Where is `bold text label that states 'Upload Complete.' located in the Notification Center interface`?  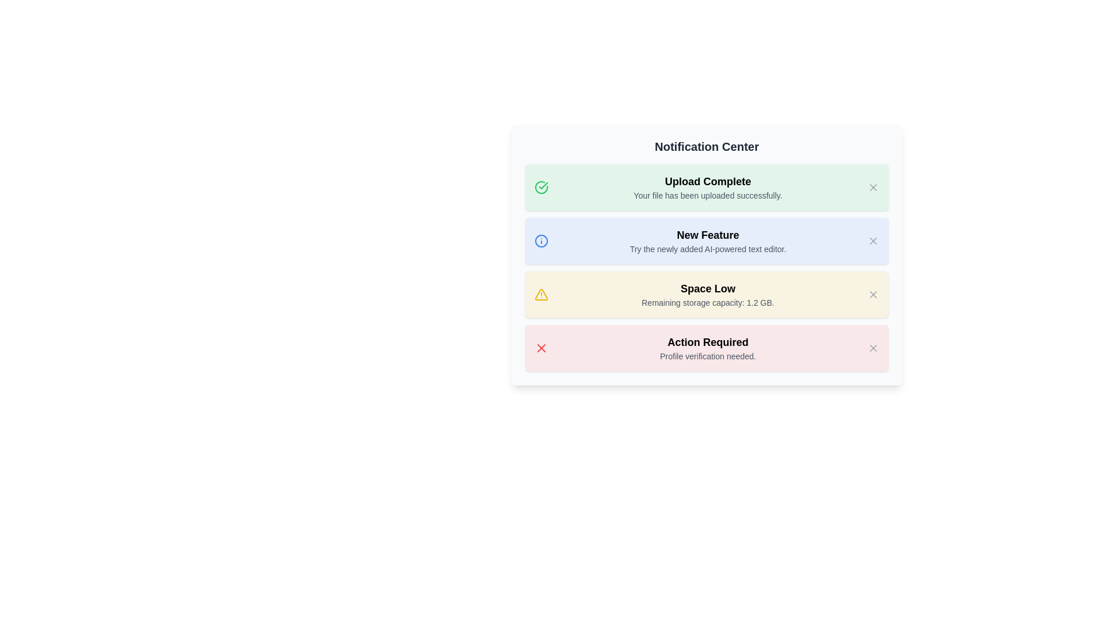
bold text label that states 'Upload Complete.' located in the Notification Center interface is located at coordinates (707, 182).